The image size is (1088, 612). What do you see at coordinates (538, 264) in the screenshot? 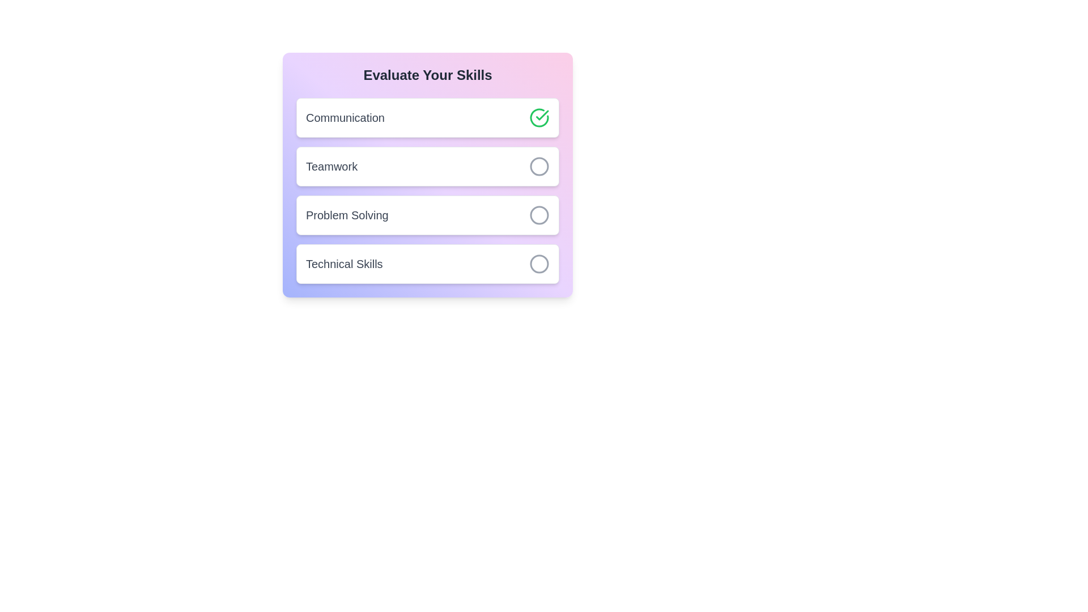
I see `the skill Technical Skills by clicking its associated button` at bounding box center [538, 264].